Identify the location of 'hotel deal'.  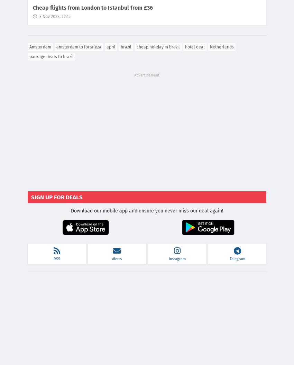
(195, 47).